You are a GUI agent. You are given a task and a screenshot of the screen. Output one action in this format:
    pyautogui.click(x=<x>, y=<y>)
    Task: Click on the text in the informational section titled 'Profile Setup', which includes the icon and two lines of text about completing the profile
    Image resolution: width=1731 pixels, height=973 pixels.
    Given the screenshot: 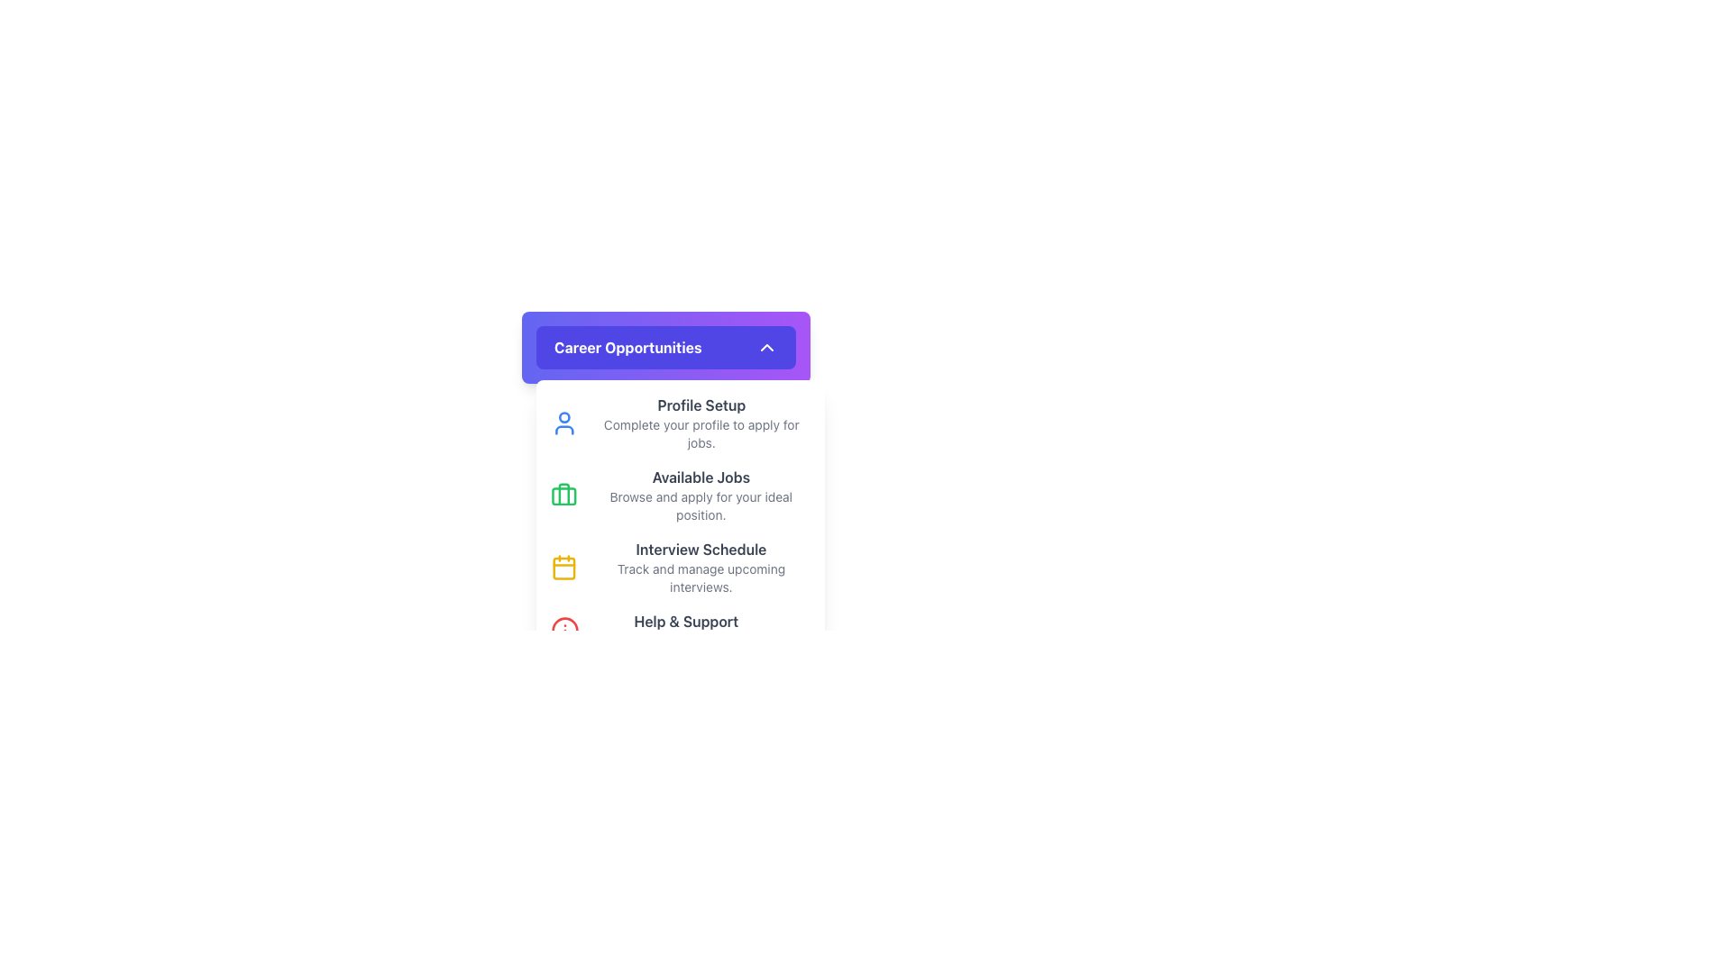 What is the action you would take?
    pyautogui.click(x=679, y=423)
    